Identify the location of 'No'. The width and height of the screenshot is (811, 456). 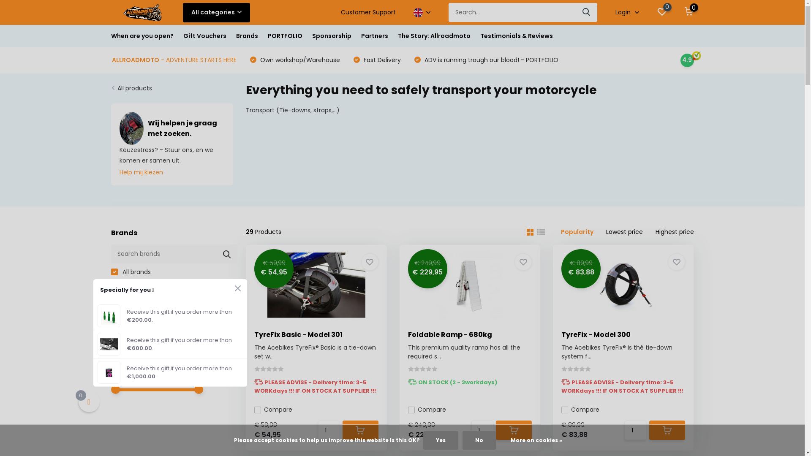
(479, 440).